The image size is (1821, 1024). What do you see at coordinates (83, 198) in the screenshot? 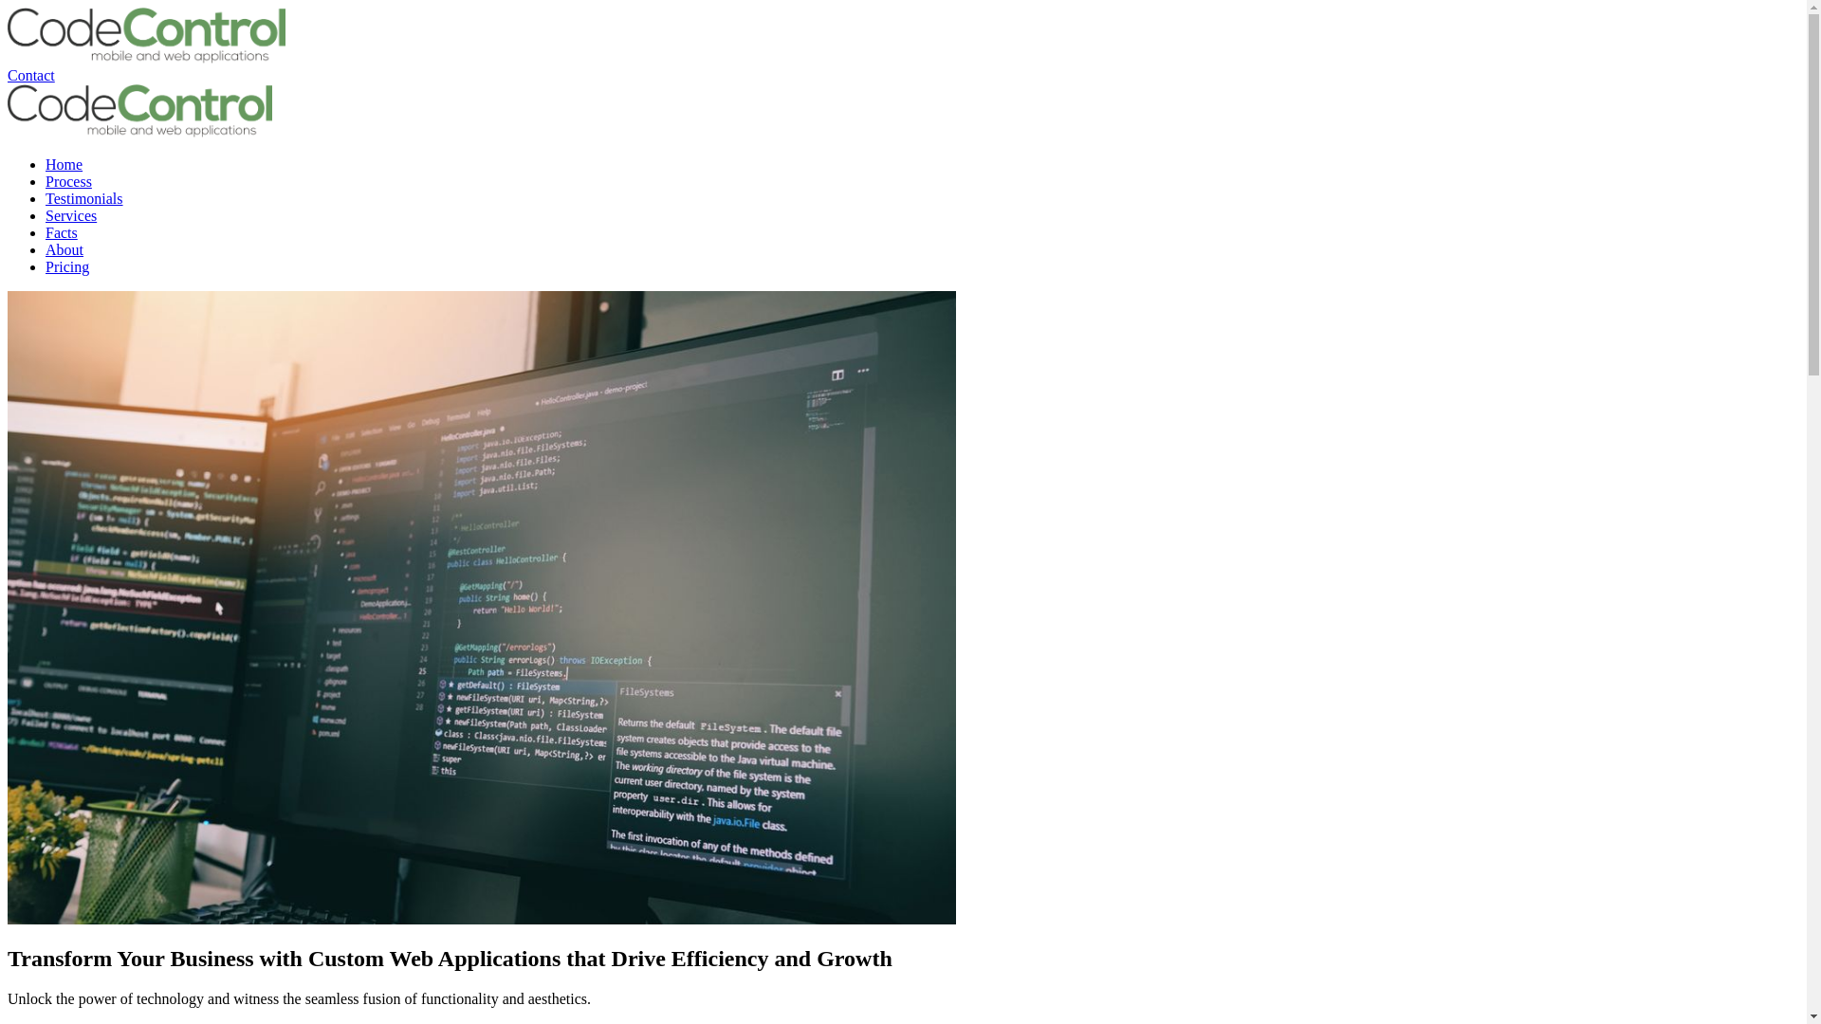
I see `'Testimonials'` at bounding box center [83, 198].